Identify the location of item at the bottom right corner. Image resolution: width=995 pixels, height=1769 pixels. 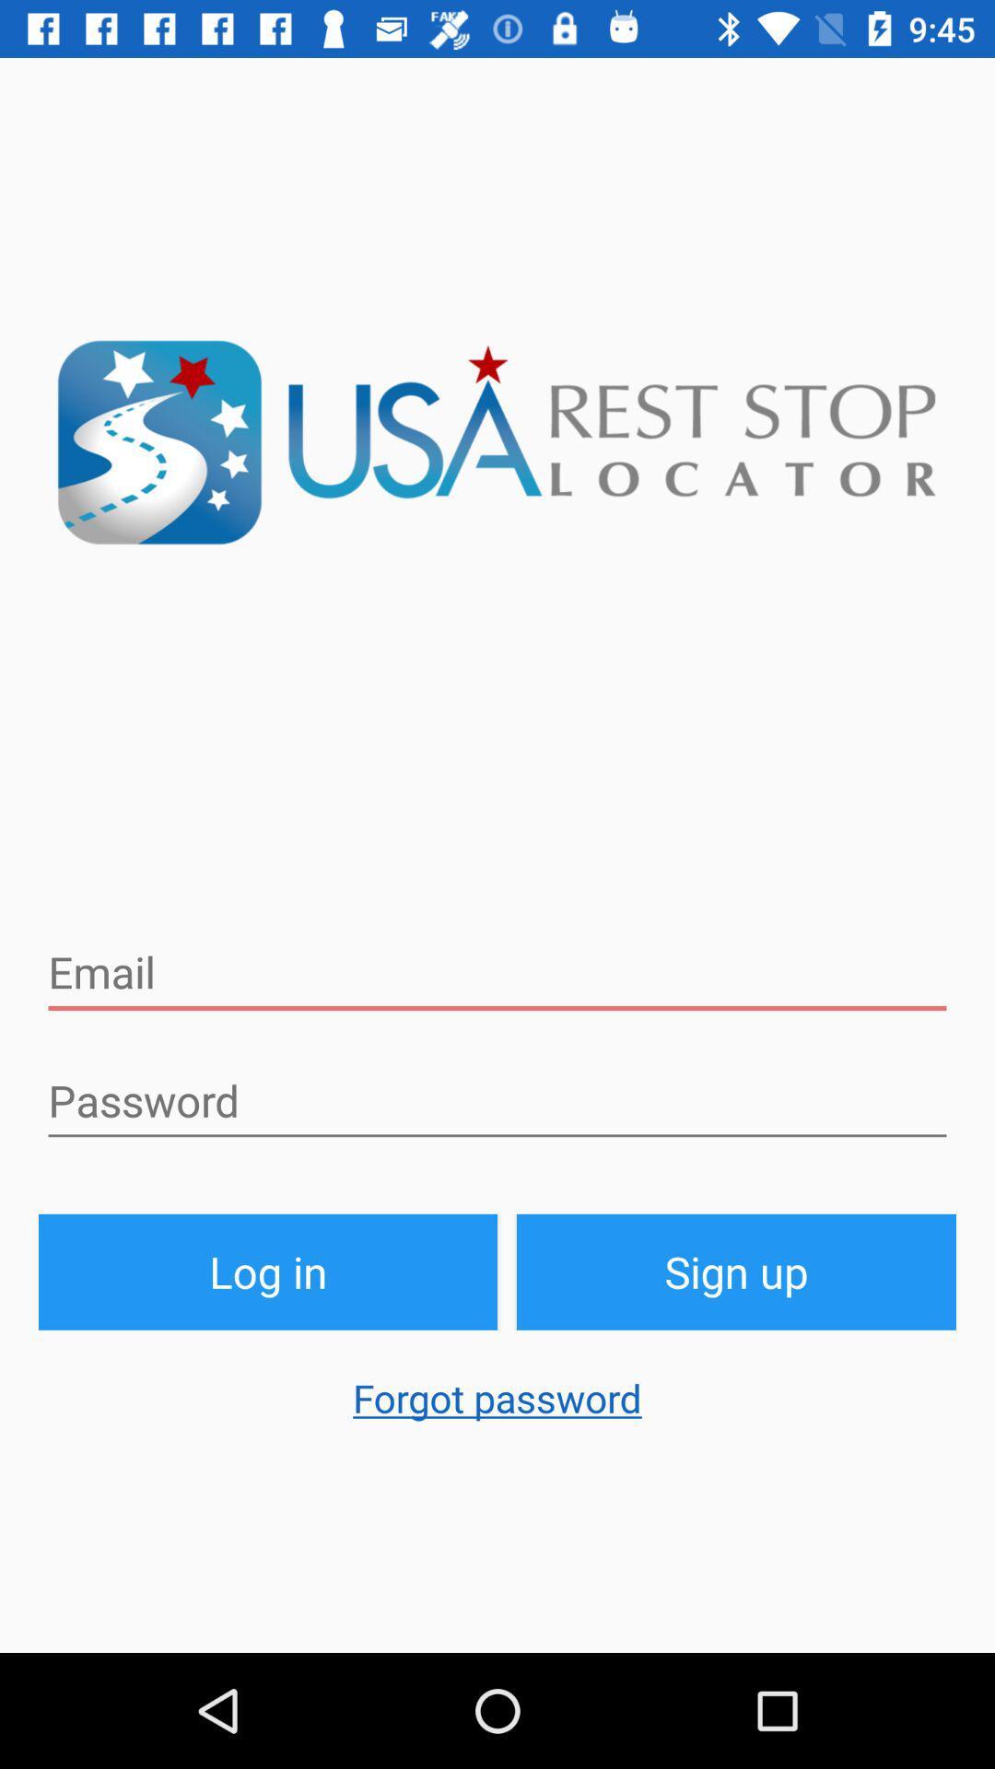
(735, 1271).